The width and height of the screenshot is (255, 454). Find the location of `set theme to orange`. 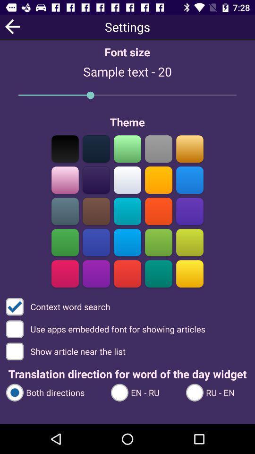

set theme to orange is located at coordinates (189, 148).